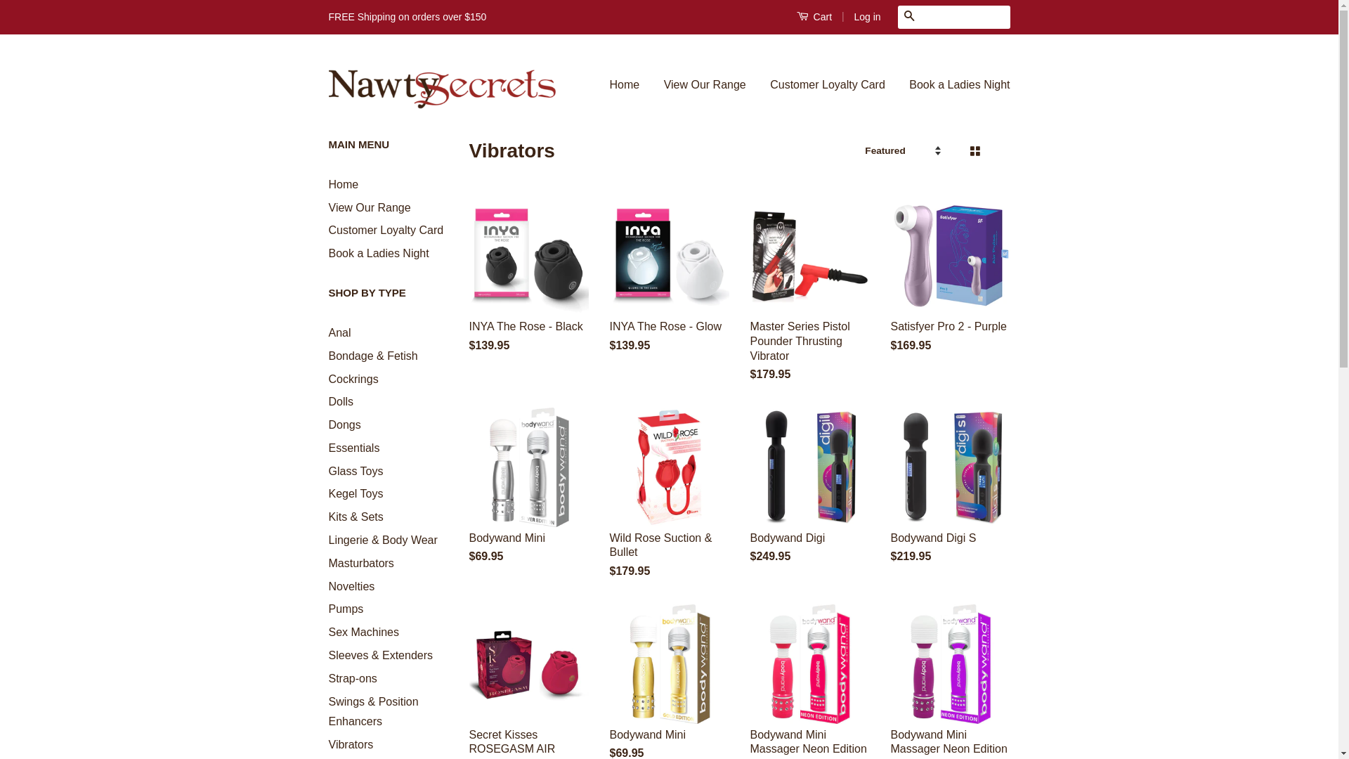 The width and height of the screenshot is (1349, 759). I want to click on 'Essentials', so click(354, 448).